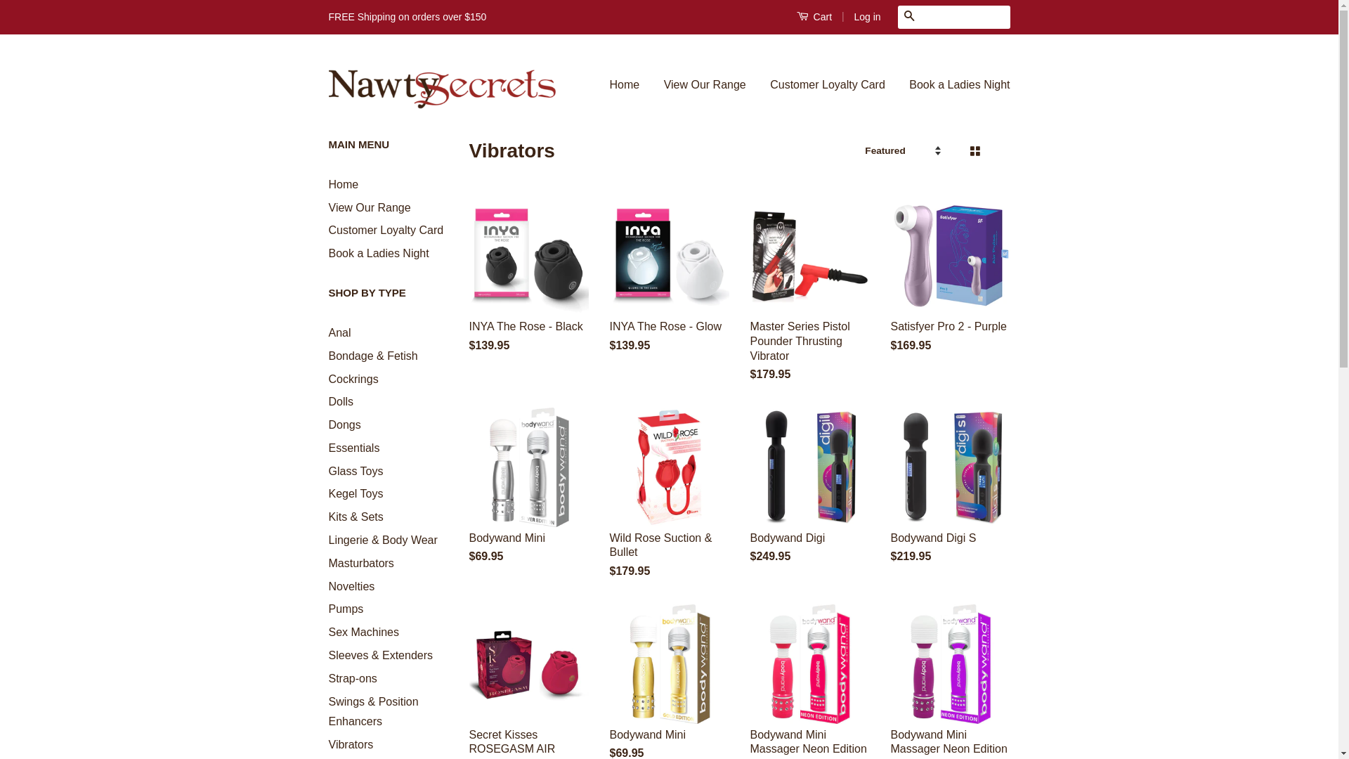 The width and height of the screenshot is (1349, 759). I want to click on 'Essentials', so click(354, 448).